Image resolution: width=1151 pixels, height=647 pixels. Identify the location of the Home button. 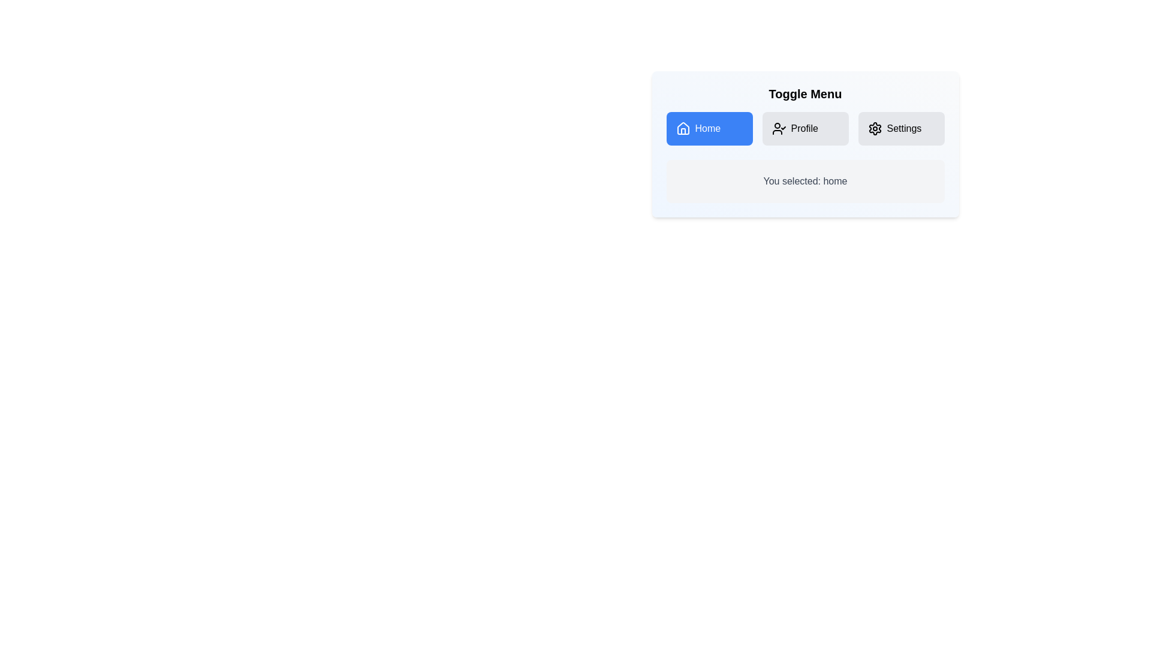
(709, 129).